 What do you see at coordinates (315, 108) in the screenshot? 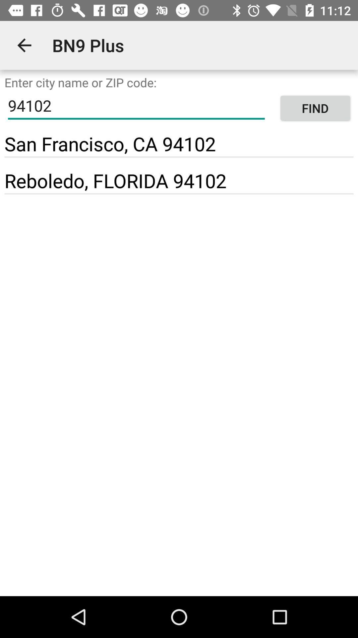
I see `item next to 94102` at bounding box center [315, 108].